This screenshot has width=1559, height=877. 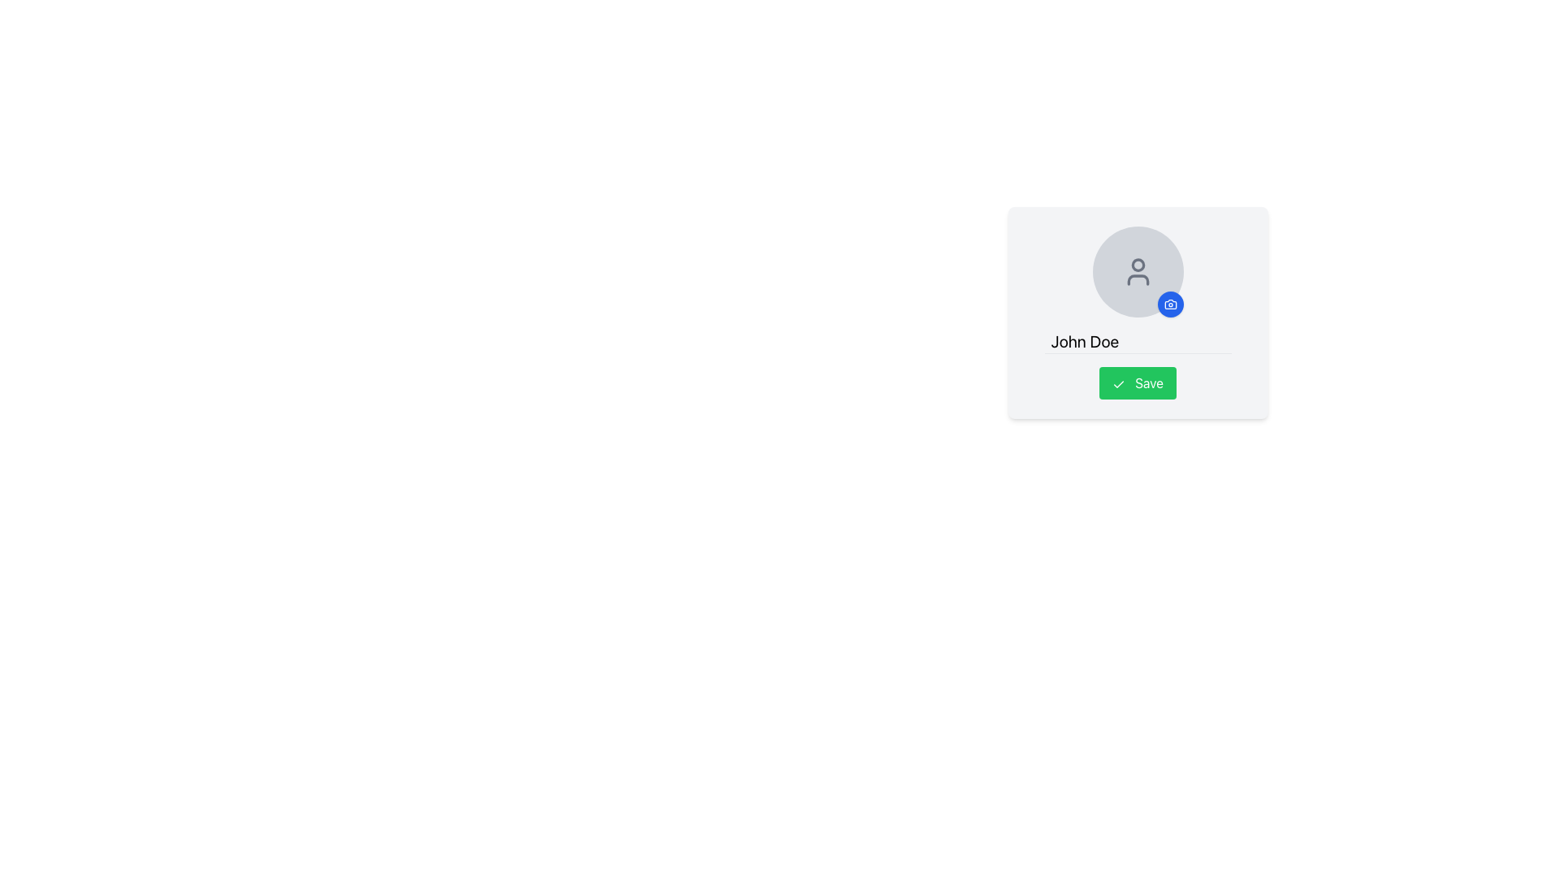 What do you see at coordinates (1117, 384) in the screenshot?
I see `the checkmark icon located on the left side of the 'Save' button, which is positioned below the name 'John Doe.'` at bounding box center [1117, 384].